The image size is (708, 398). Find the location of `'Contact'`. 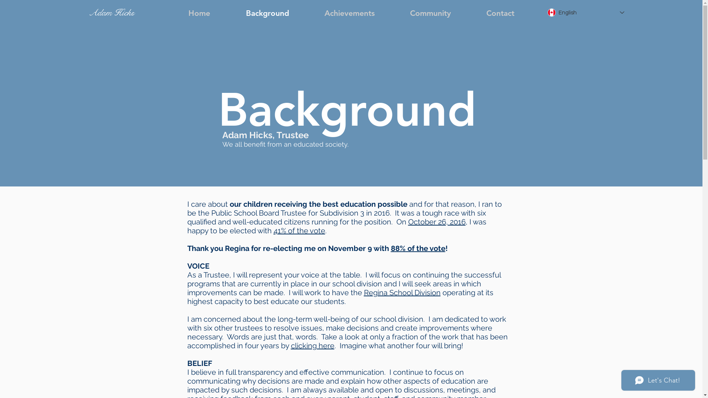

'Contact' is located at coordinates (500, 13).